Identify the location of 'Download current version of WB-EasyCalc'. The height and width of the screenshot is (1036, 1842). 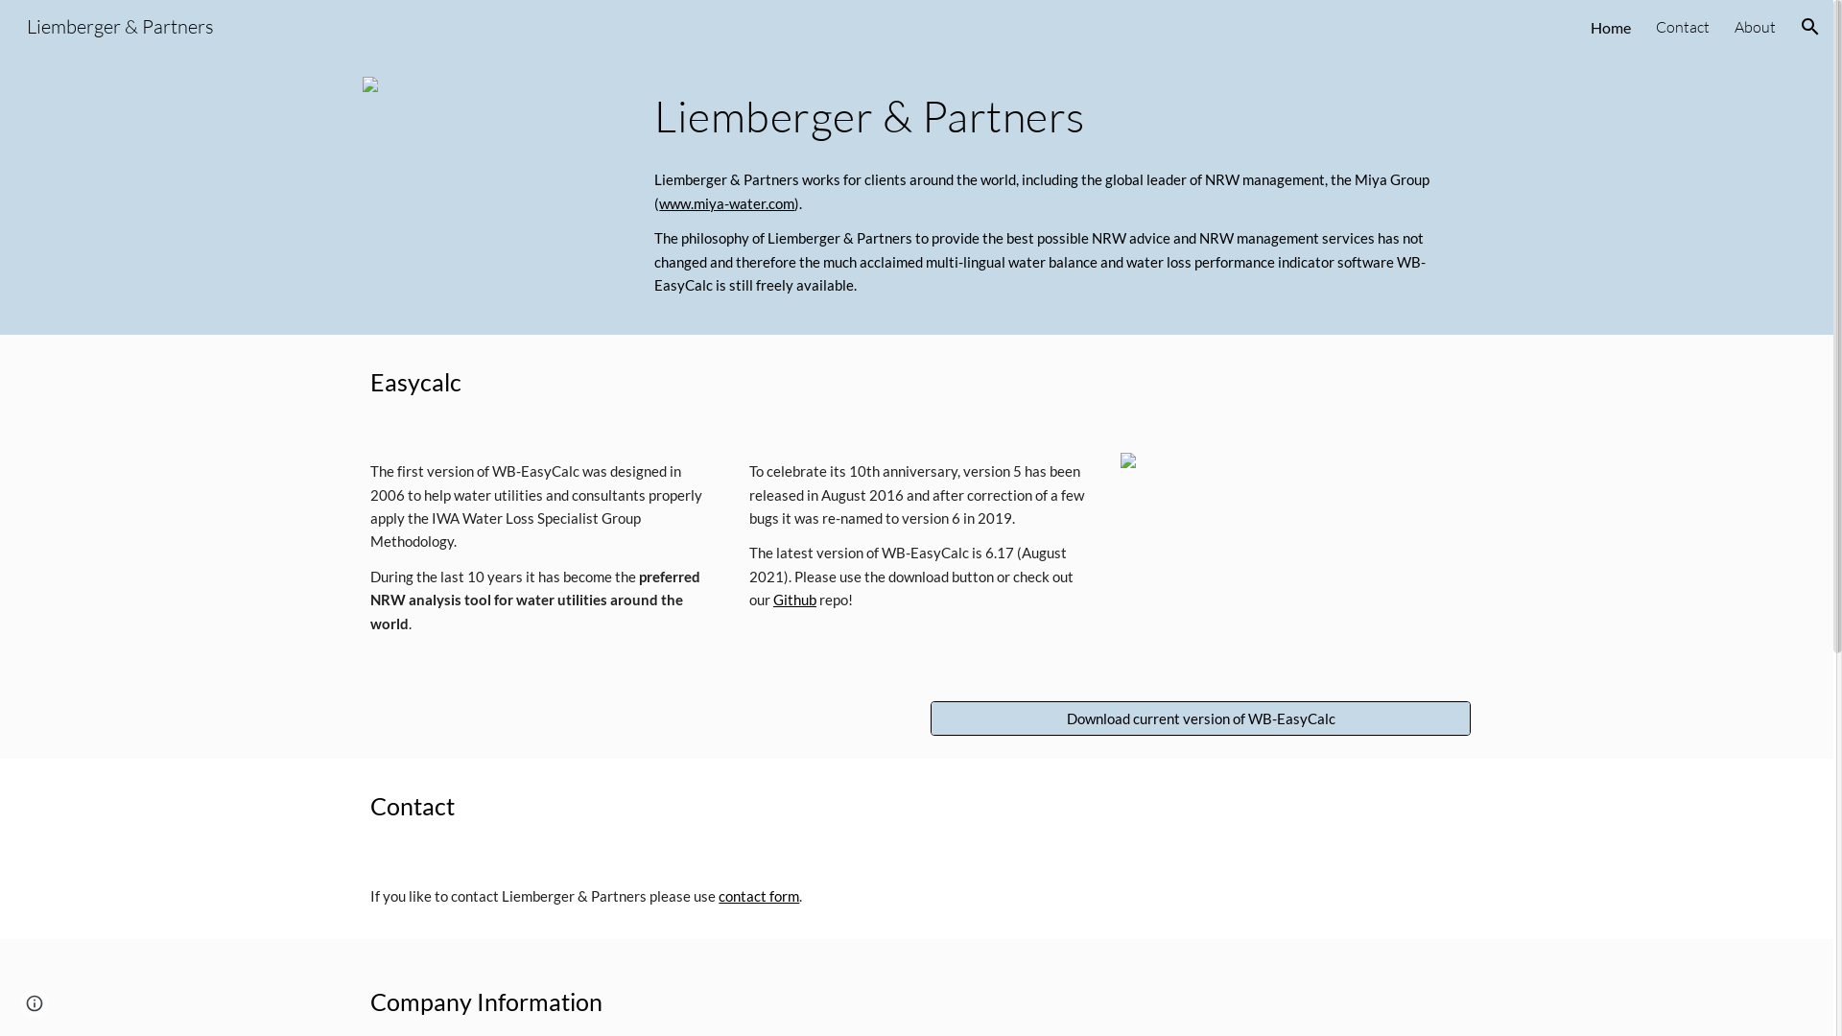
(1199, 718).